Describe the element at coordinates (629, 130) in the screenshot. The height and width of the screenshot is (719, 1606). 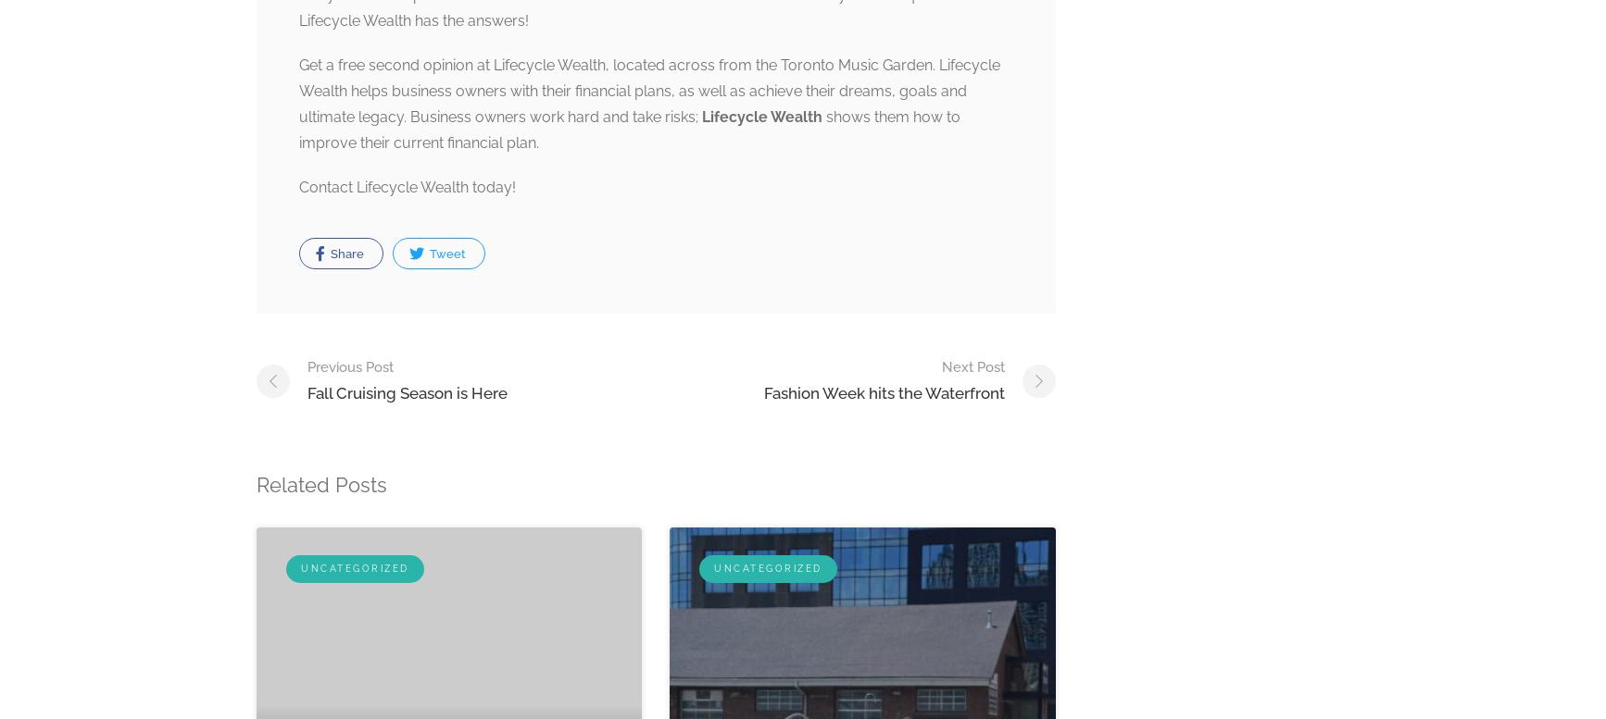
I see `'shows them how to improve their current financial plan.'` at that location.